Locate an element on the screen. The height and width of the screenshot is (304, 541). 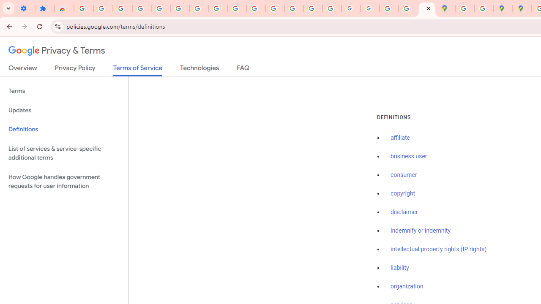
'Back' is located at coordinates (8, 26).